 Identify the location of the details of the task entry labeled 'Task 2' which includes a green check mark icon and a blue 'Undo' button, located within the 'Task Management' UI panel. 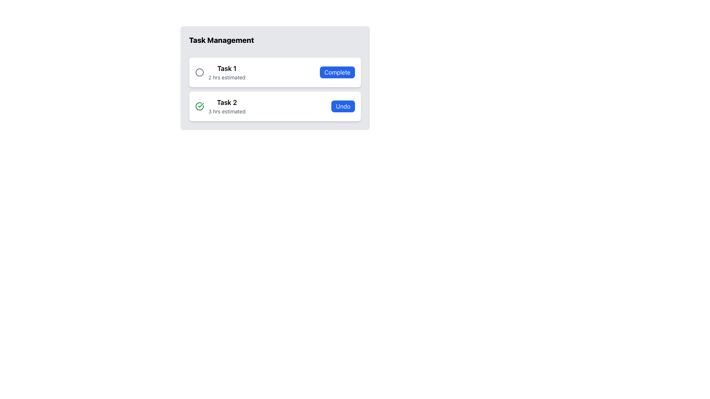
(274, 106).